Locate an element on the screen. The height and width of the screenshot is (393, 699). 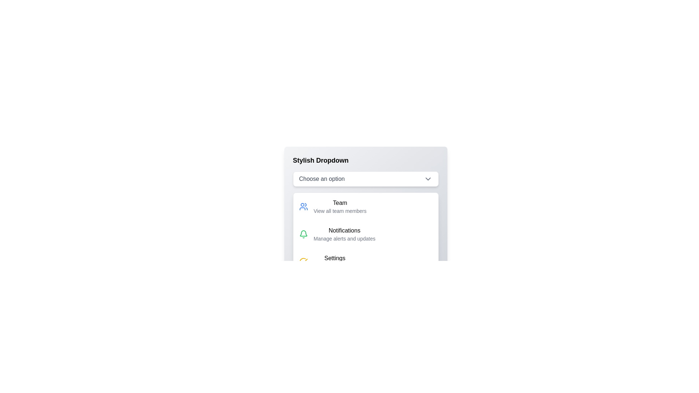
the 'Notifications' text label which is displayed in bold next to a green bell icon is located at coordinates (344, 234).